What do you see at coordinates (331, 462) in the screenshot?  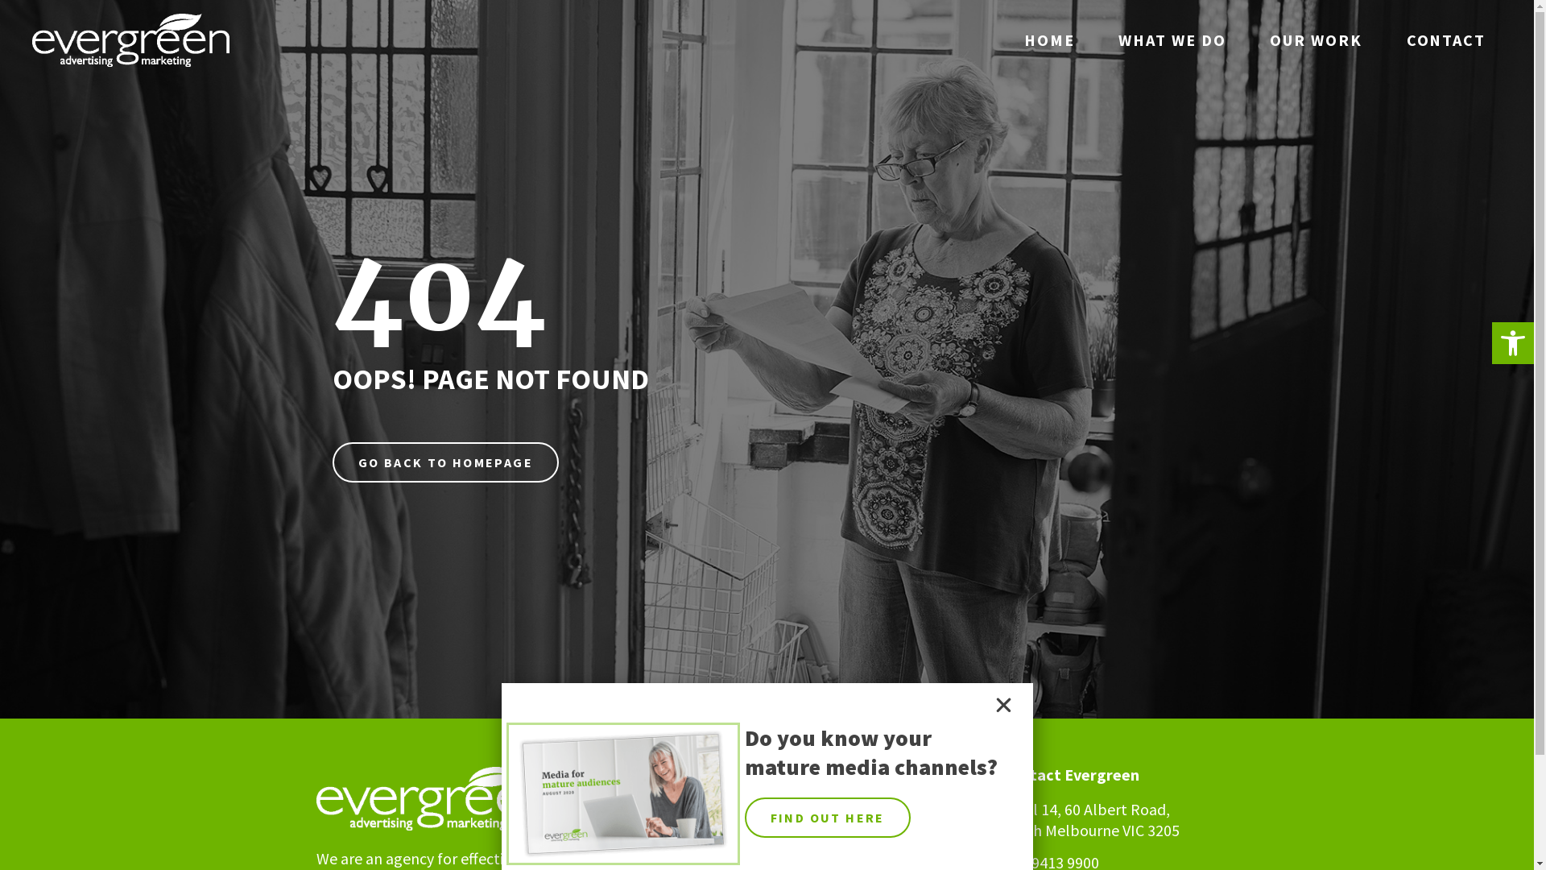 I see `'GO BACK TO HOMEPAGE'` at bounding box center [331, 462].